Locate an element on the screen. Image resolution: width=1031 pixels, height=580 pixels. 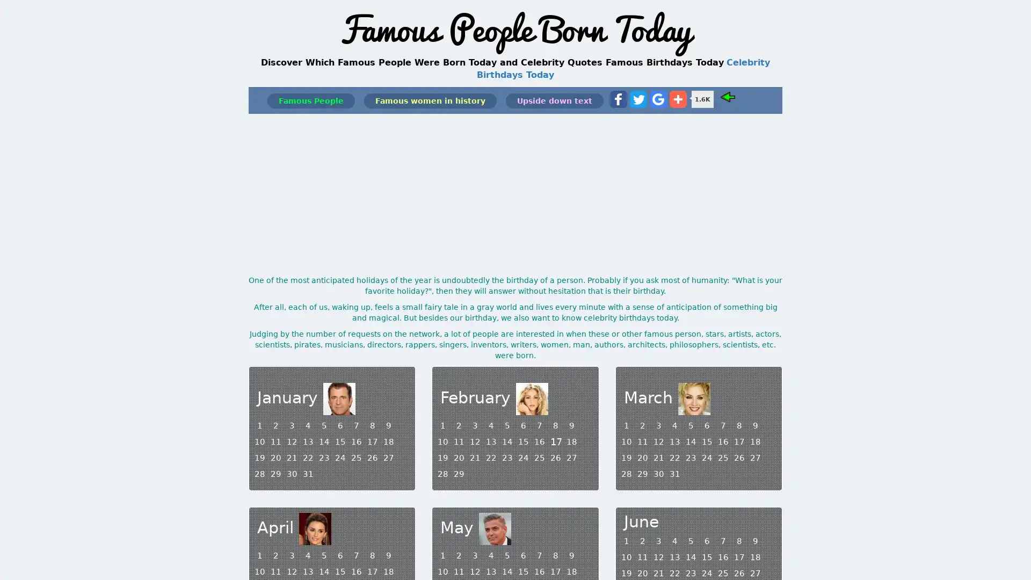
Share to More is located at coordinates (677, 99).